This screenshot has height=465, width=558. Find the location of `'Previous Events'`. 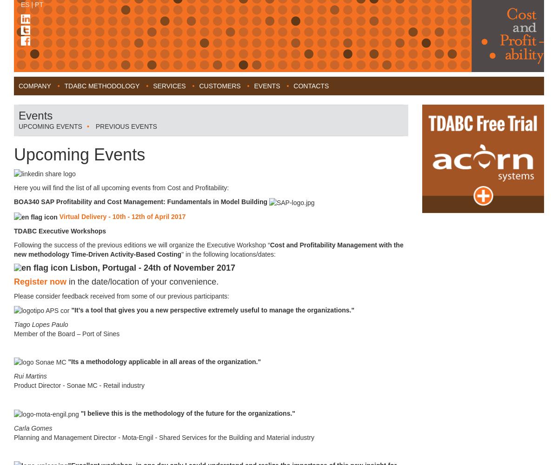

'Previous Events' is located at coordinates (125, 126).